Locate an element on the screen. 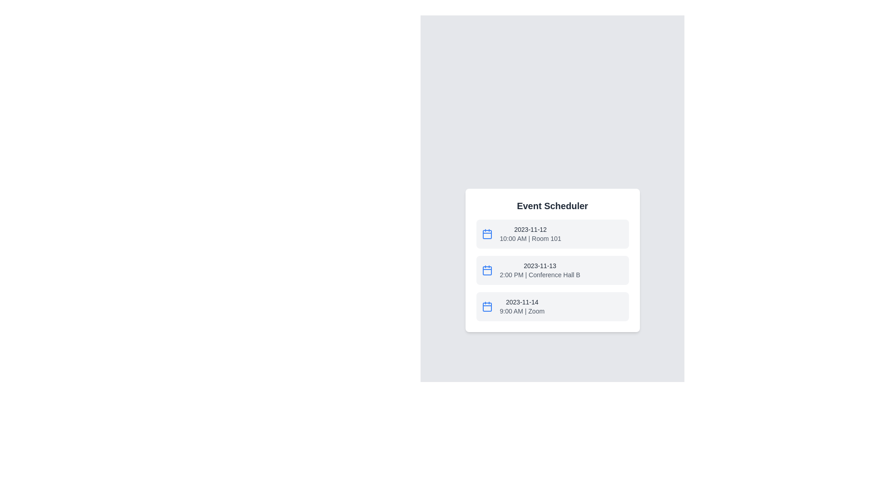 This screenshot has width=872, height=490. the calendar icon located in the third event block of the event scheduler, which is positioned next to the '2023-11-14 9:00 AM | Zoom' text is located at coordinates (486, 306).